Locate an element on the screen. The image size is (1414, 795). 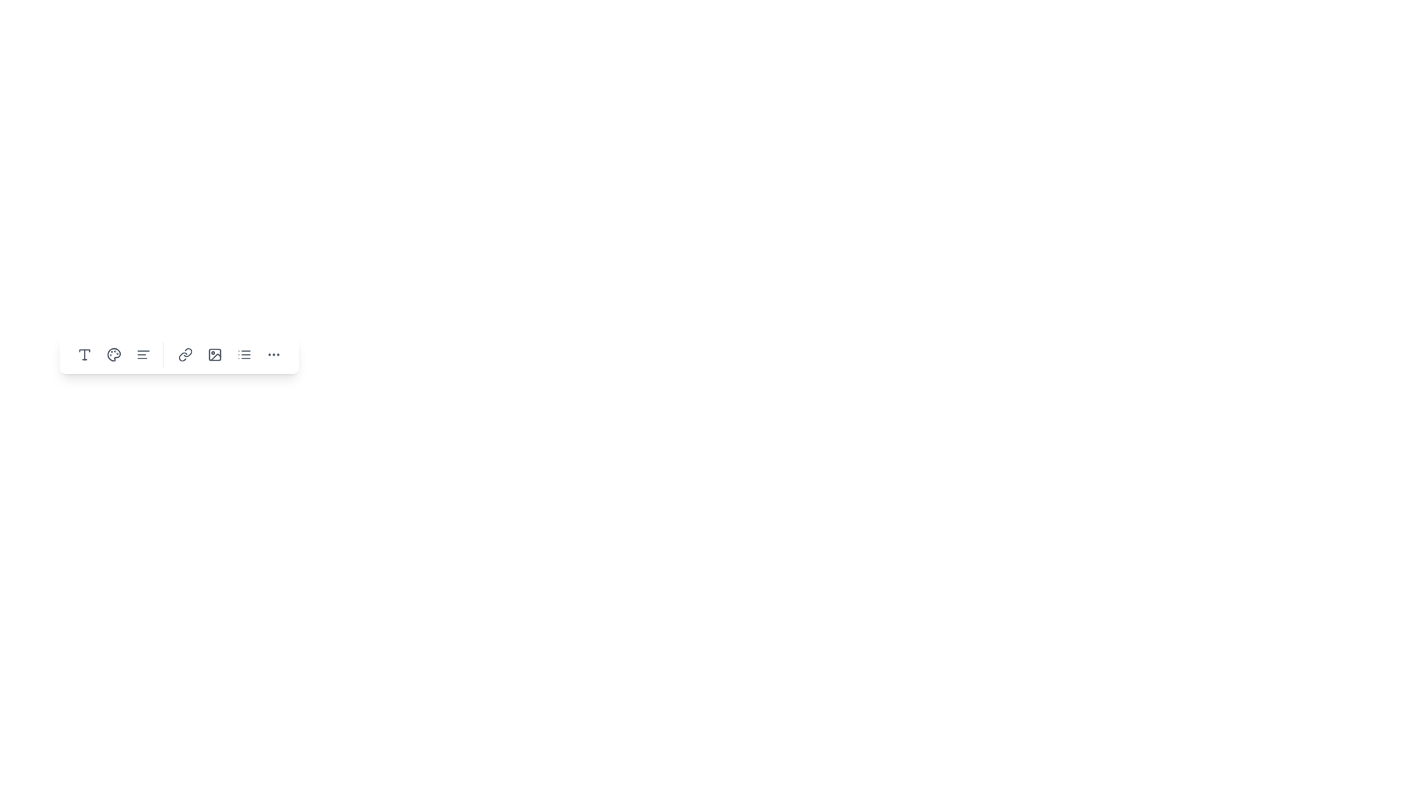
the menu trigger button located at the far right of the horizontal toolbar is located at coordinates (274, 355).